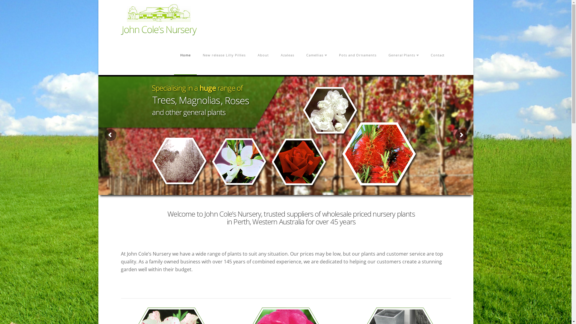  What do you see at coordinates (358, 55) in the screenshot?
I see `'Pots and Ornaments'` at bounding box center [358, 55].